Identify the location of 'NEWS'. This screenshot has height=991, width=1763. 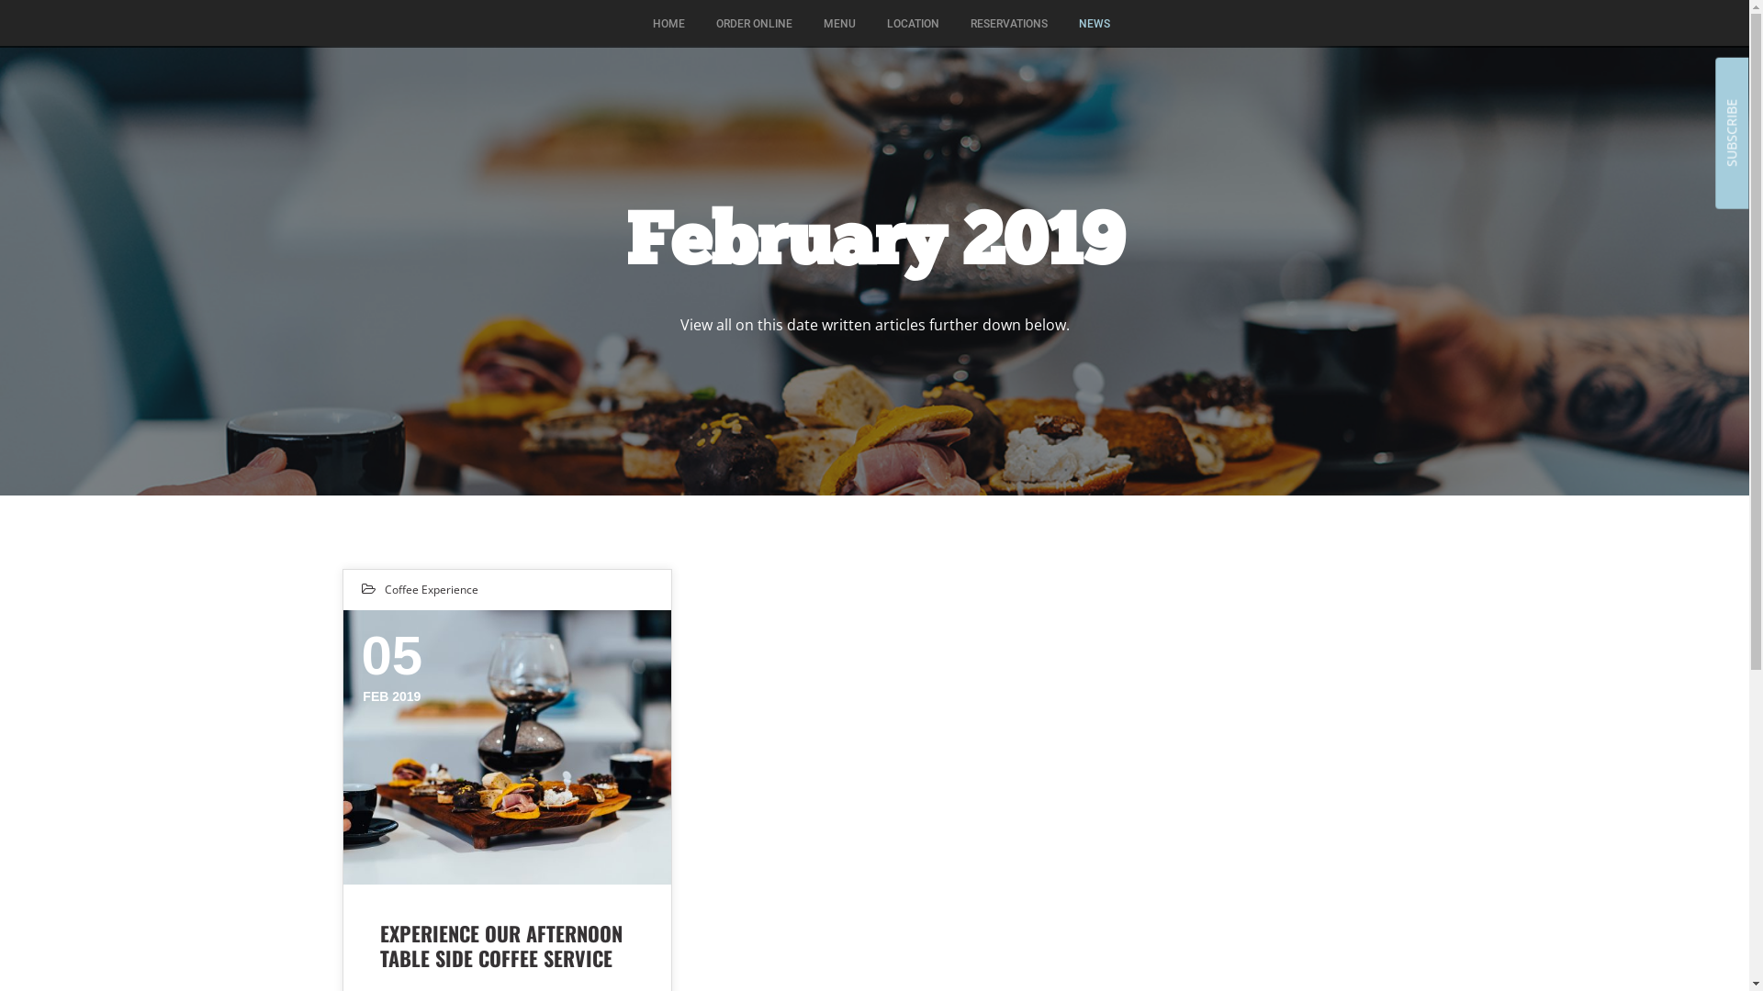
(1065, 24).